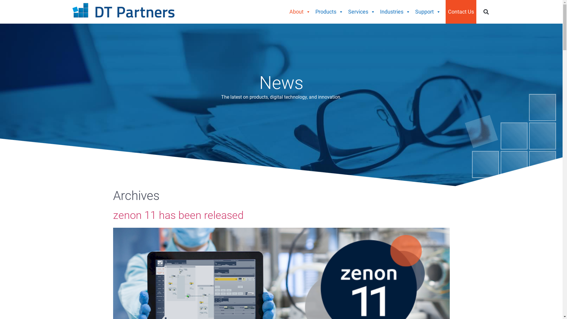 Image resolution: width=567 pixels, height=319 pixels. Describe the element at coordinates (348, 12) in the screenshot. I see `'Services'` at that location.